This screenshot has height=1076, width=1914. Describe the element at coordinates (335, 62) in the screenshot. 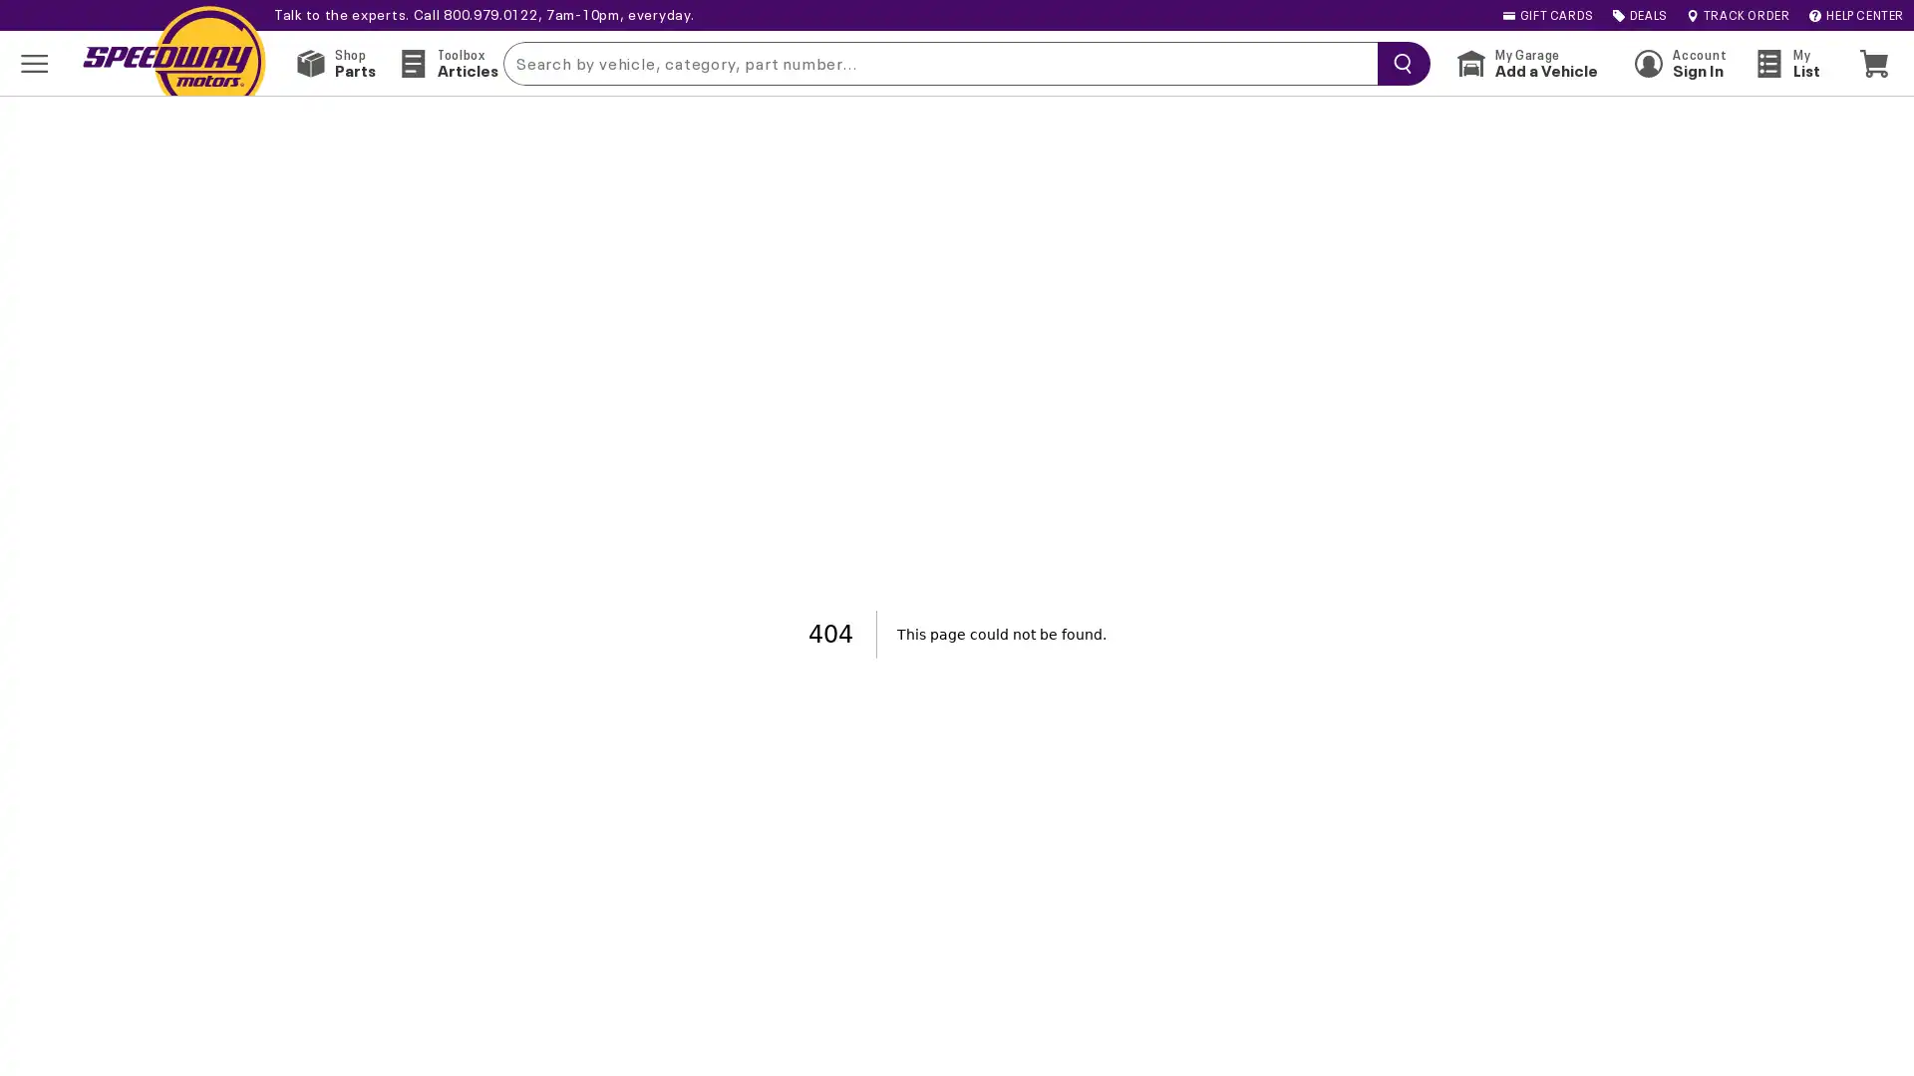

I see `Shop Parts` at that location.